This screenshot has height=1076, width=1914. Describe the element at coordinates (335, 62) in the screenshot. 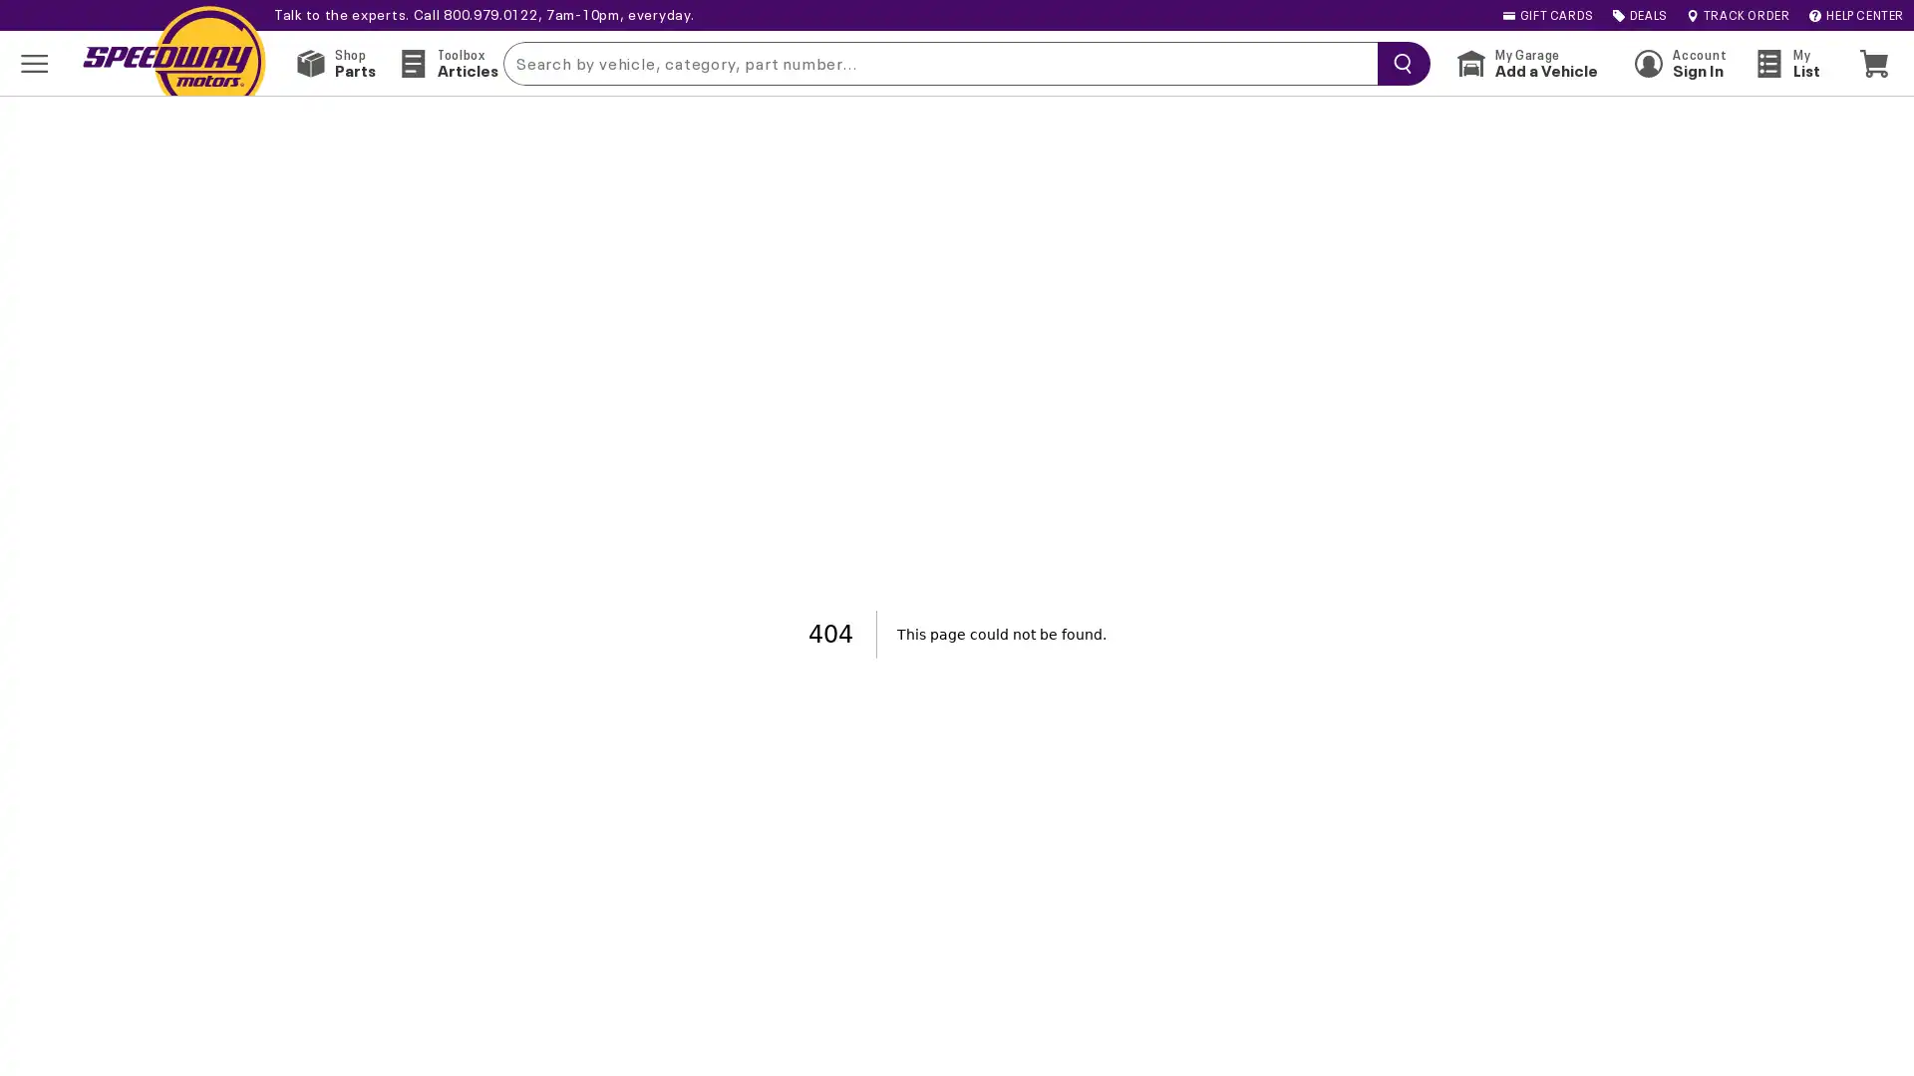

I see `Shop Parts` at that location.